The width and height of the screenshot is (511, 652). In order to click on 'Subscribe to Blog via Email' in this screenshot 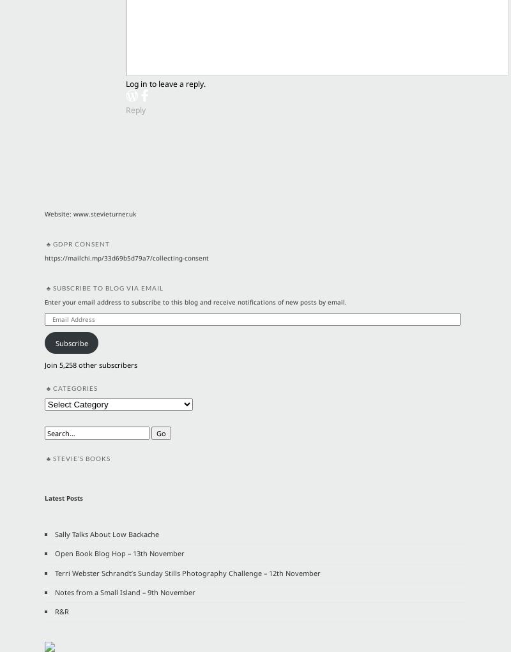, I will do `click(107, 287)`.